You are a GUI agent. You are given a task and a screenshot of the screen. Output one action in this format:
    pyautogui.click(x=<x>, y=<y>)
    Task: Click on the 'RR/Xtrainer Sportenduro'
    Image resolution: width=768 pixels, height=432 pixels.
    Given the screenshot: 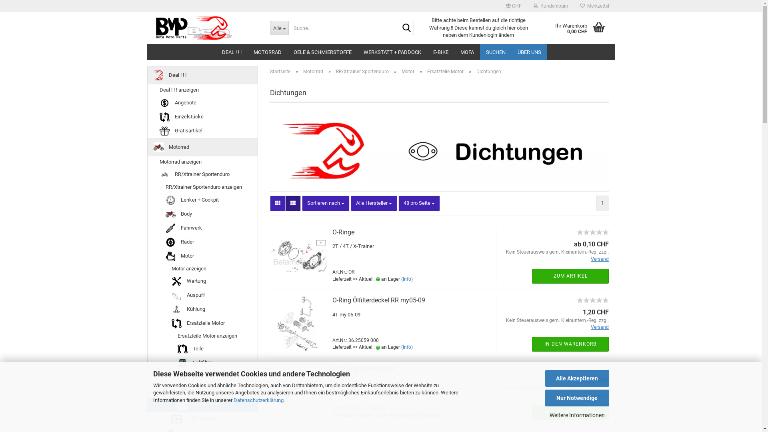 What is the action you would take?
    pyautogui.click(x=362, y=71)
    